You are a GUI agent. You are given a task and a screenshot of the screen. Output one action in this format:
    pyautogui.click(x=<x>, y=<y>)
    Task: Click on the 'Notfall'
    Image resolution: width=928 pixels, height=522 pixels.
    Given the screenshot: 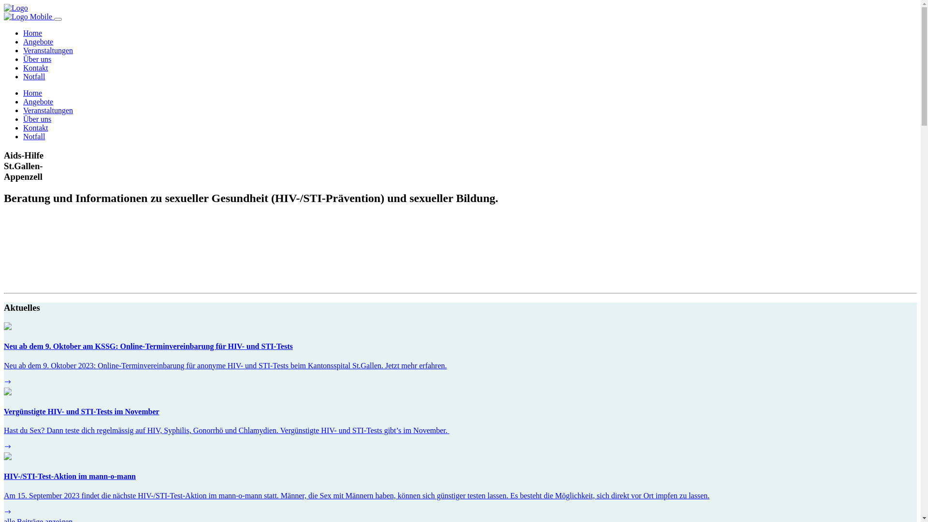 What is the action you would take?
    pyautogui.click(x=23, y=76)
    